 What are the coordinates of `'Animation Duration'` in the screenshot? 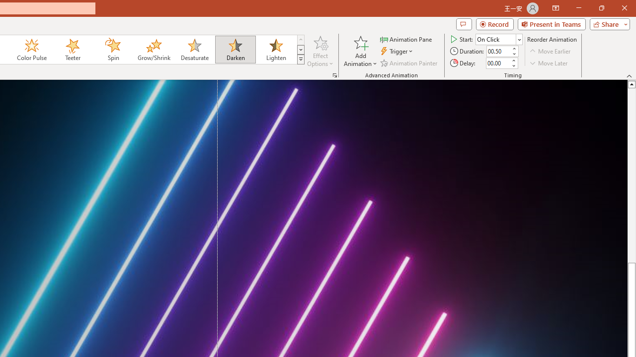 It's located at (498, 51).